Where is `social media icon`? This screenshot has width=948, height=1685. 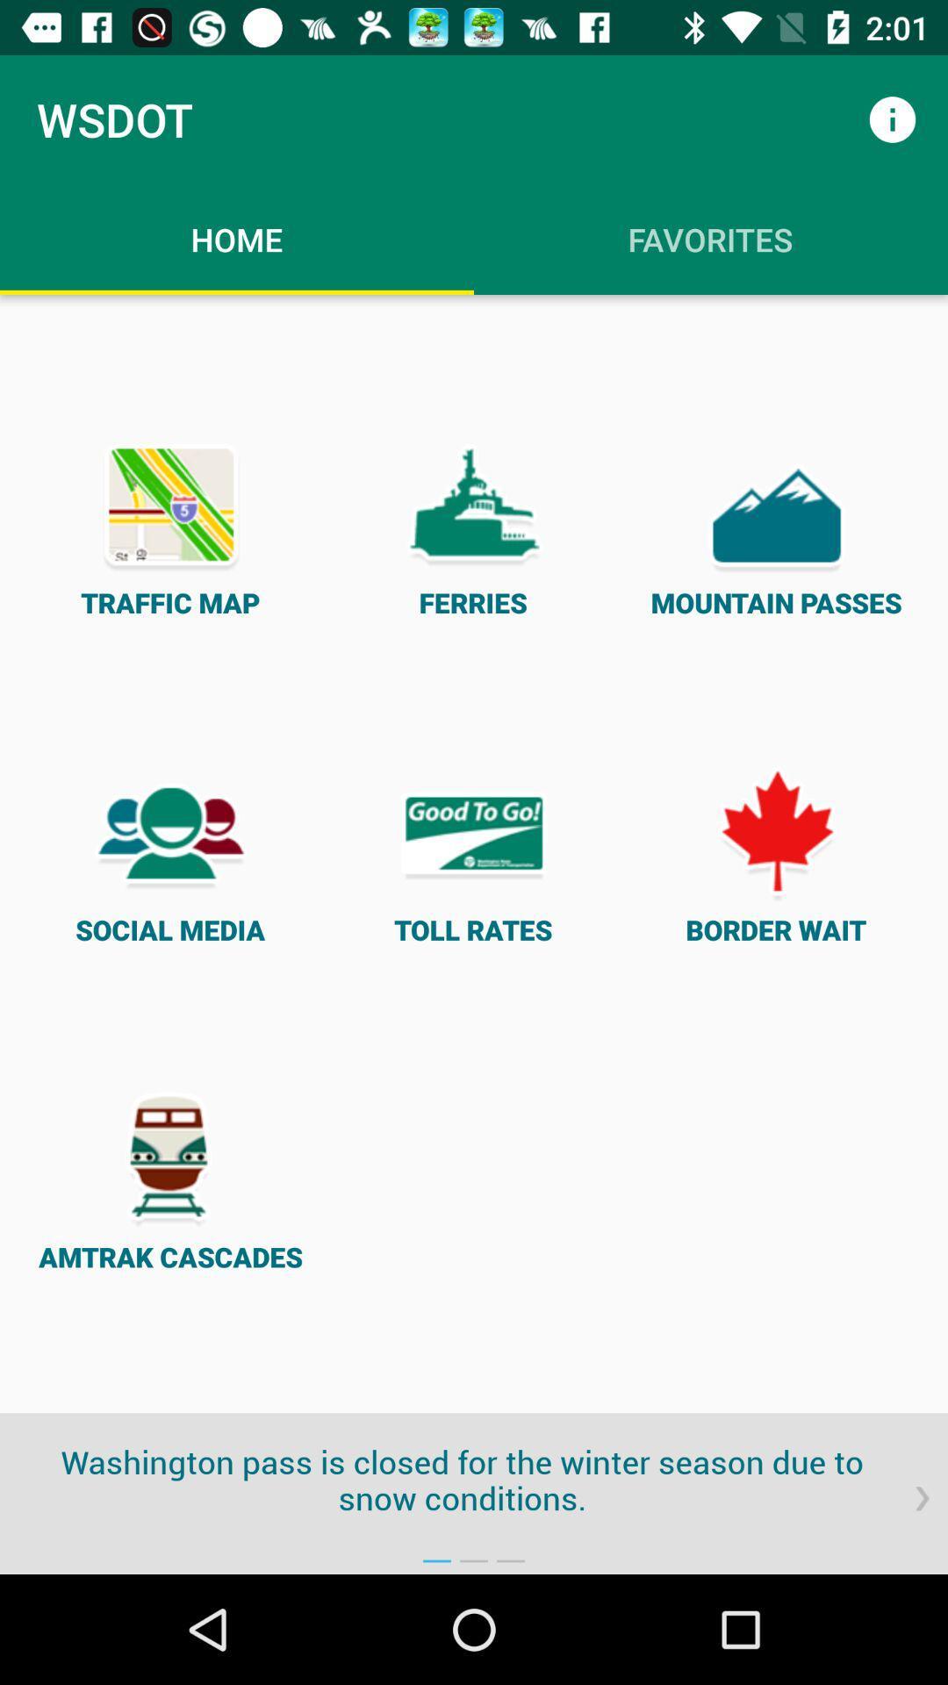
social media icon is located at coordinates (170, 854).